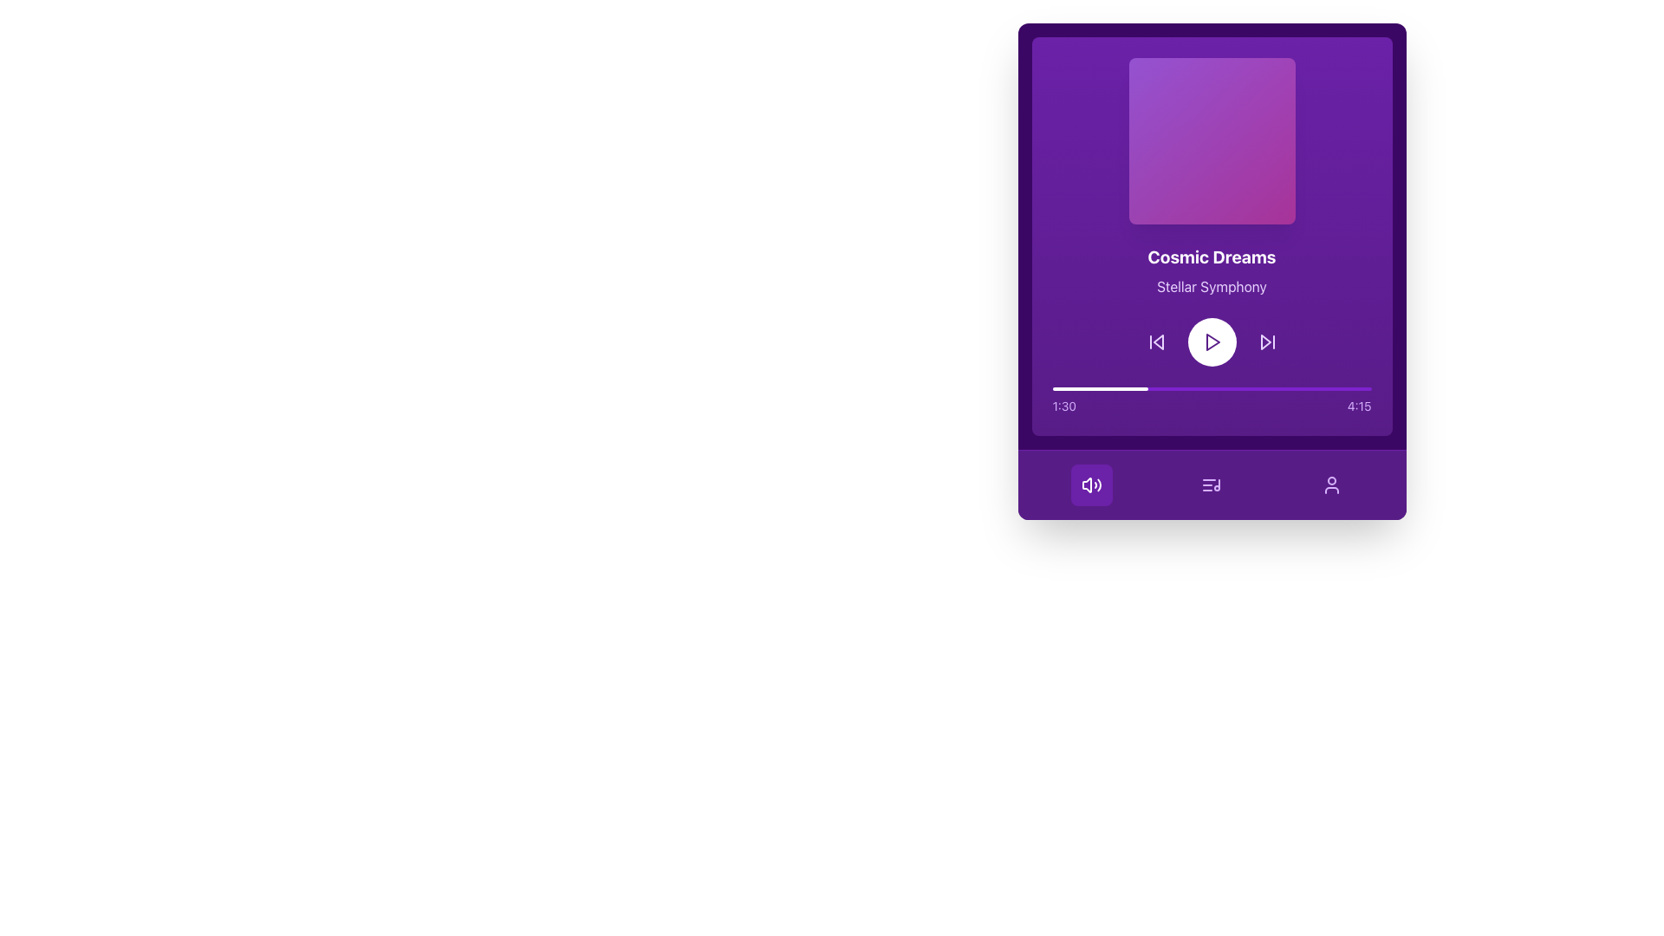 Image resolution: width=1664 pixels, height=936 pixels. Describe the element at coordinates (1211, 257) in the screenshot. I see `the text label reading 'Cosmic Dreams' which is a bold, large white font on a purple background, located in the music player card interface` at that location.